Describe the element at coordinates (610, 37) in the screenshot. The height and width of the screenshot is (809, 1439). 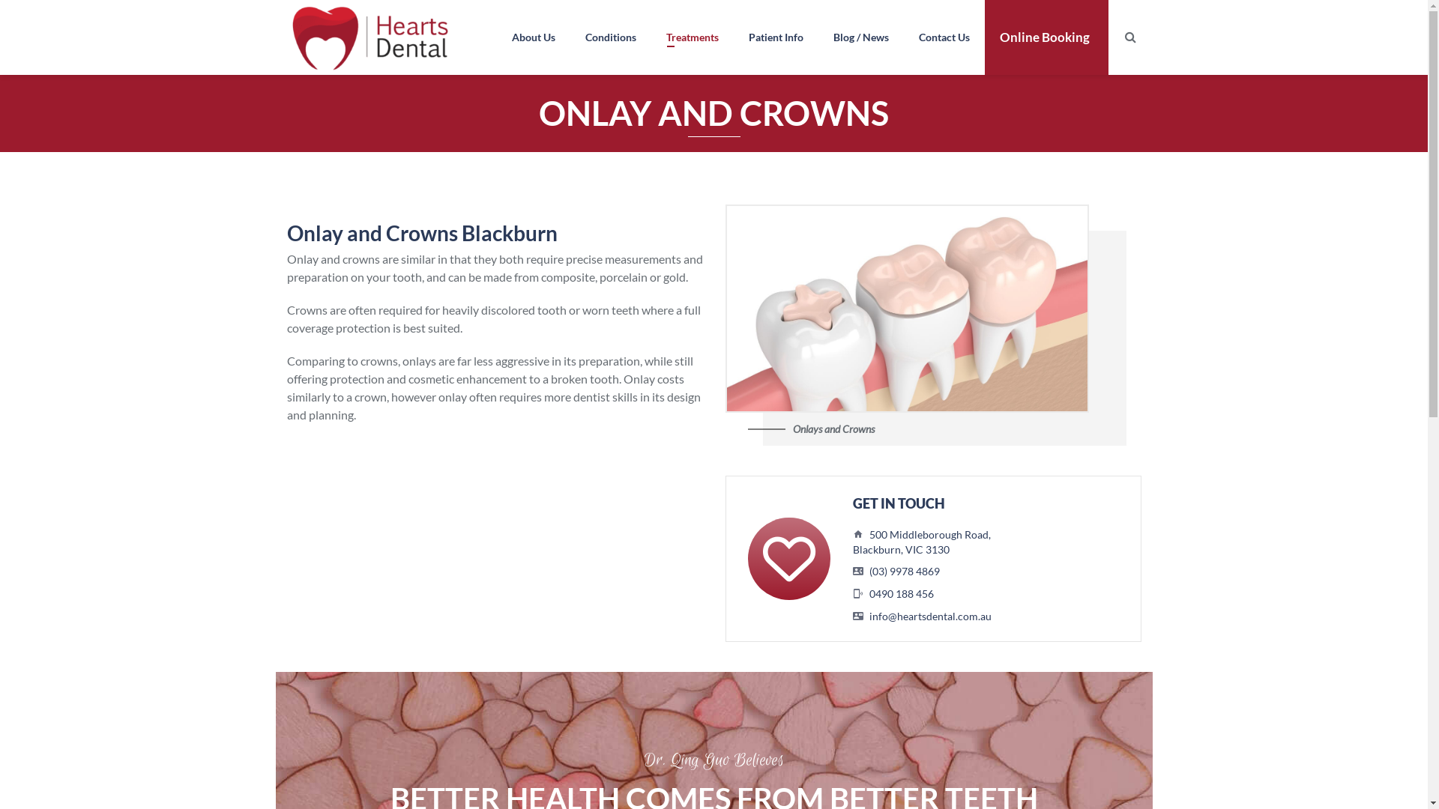
I see `'Conditions'` at that location.